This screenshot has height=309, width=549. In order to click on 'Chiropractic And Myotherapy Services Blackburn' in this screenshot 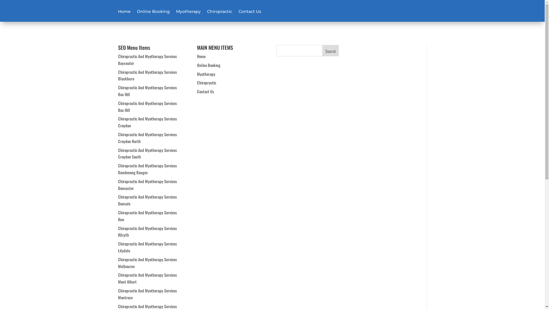, I will do `click(147, 75)`.